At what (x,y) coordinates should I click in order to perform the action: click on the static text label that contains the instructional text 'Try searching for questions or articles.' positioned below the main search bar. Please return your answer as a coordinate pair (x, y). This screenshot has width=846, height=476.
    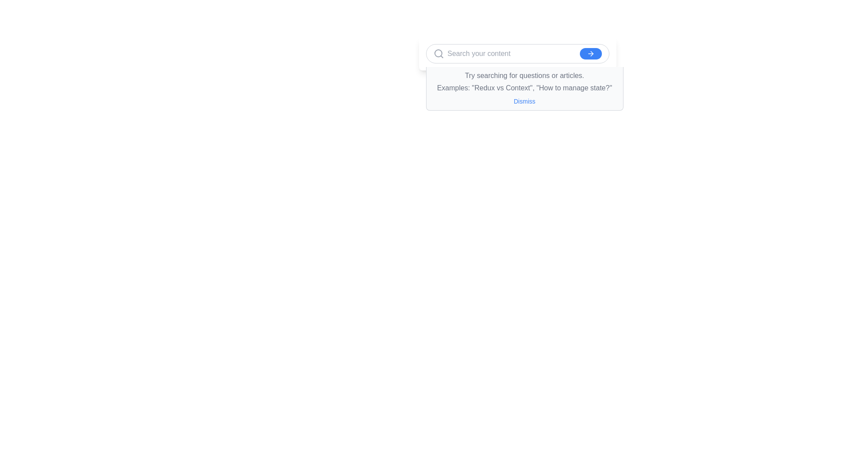
    Looking at the image, I should click on (524, 75).